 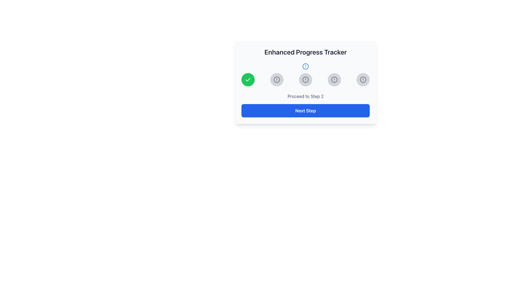 I want to click on the circular icon, which is part of an SVG graphical element, located above the 'Next Step' button, so click(x=334, y=80).